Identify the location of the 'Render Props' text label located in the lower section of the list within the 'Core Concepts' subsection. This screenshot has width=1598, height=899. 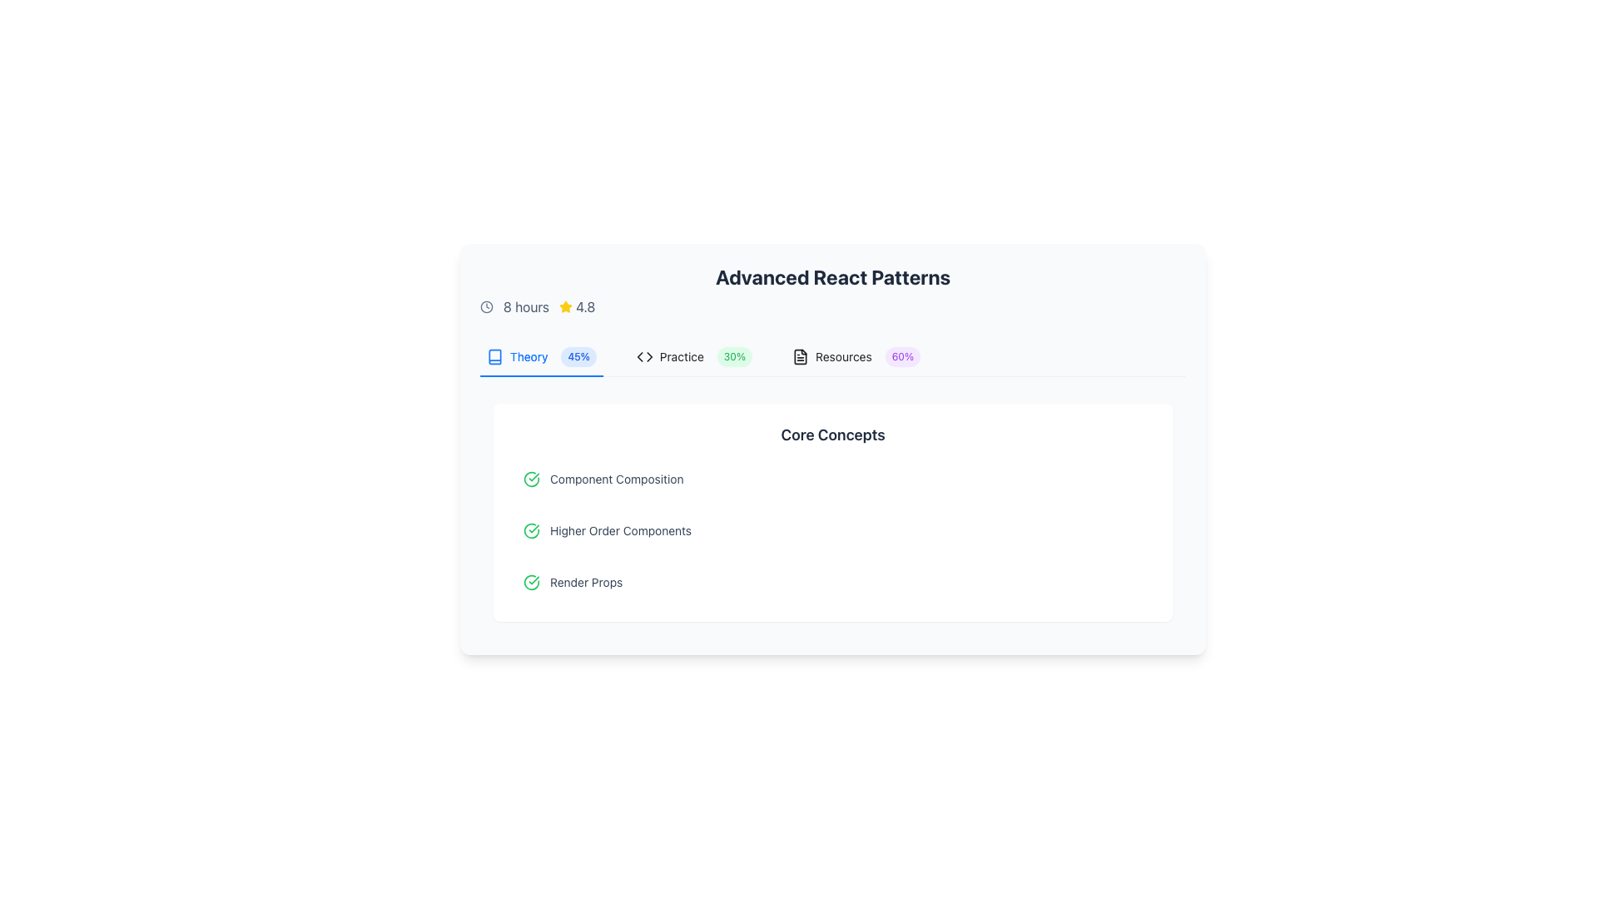
(586, 581).